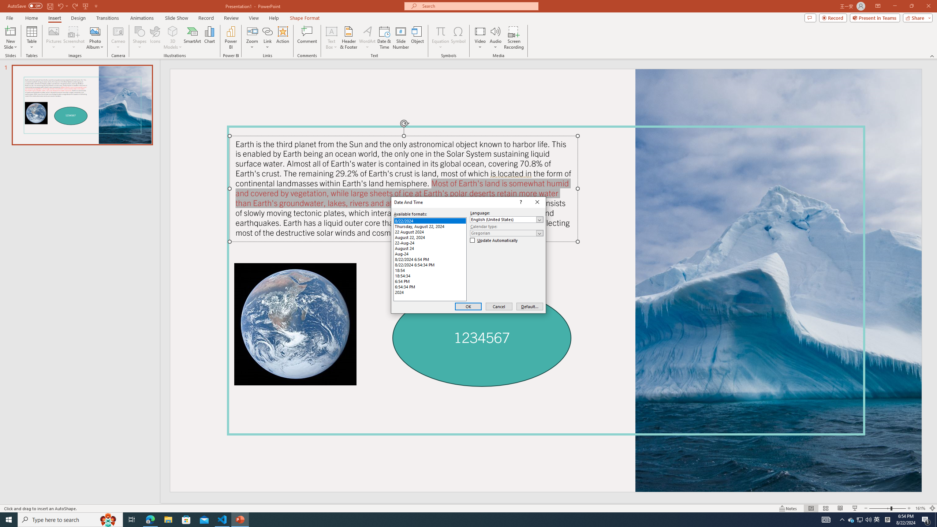 The image size is (937, 527). I want to click on 'Slide Number', so click(400, 38).